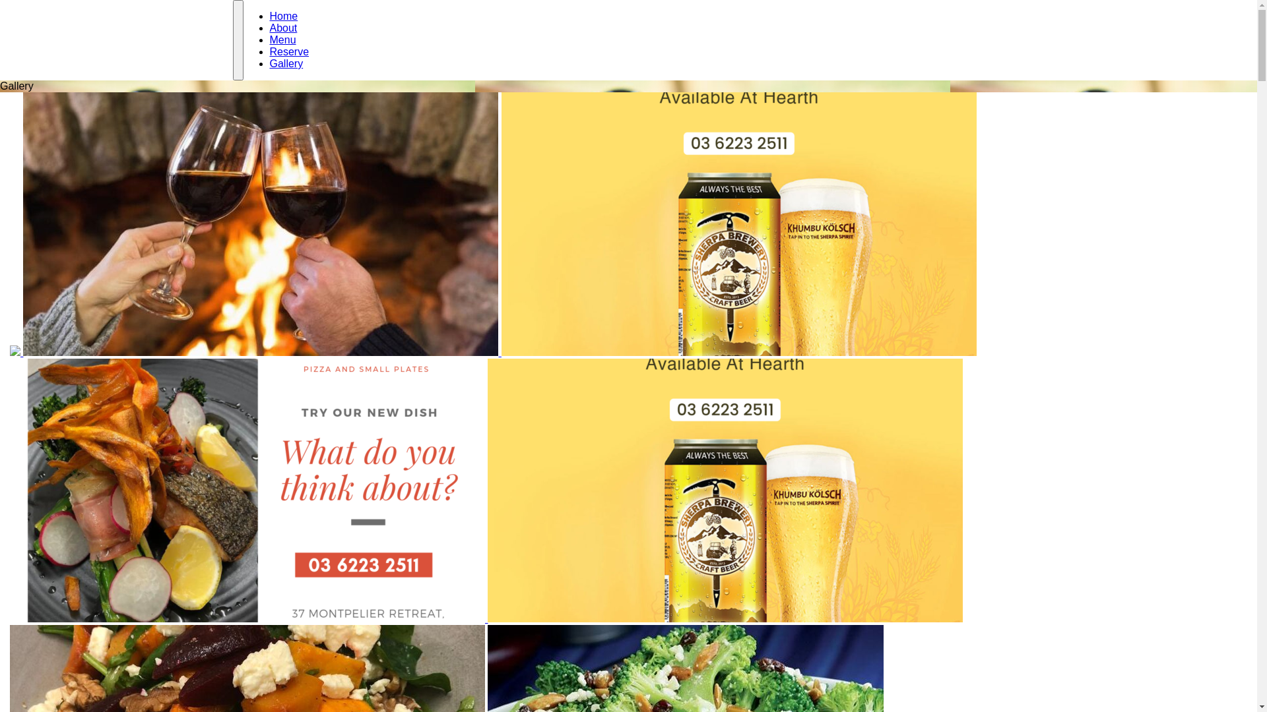 The image size is (1267, 712). What do you see at coordinates (282, 28) in the screenshot?
I see `'About'` at bounding box center [282, 28].